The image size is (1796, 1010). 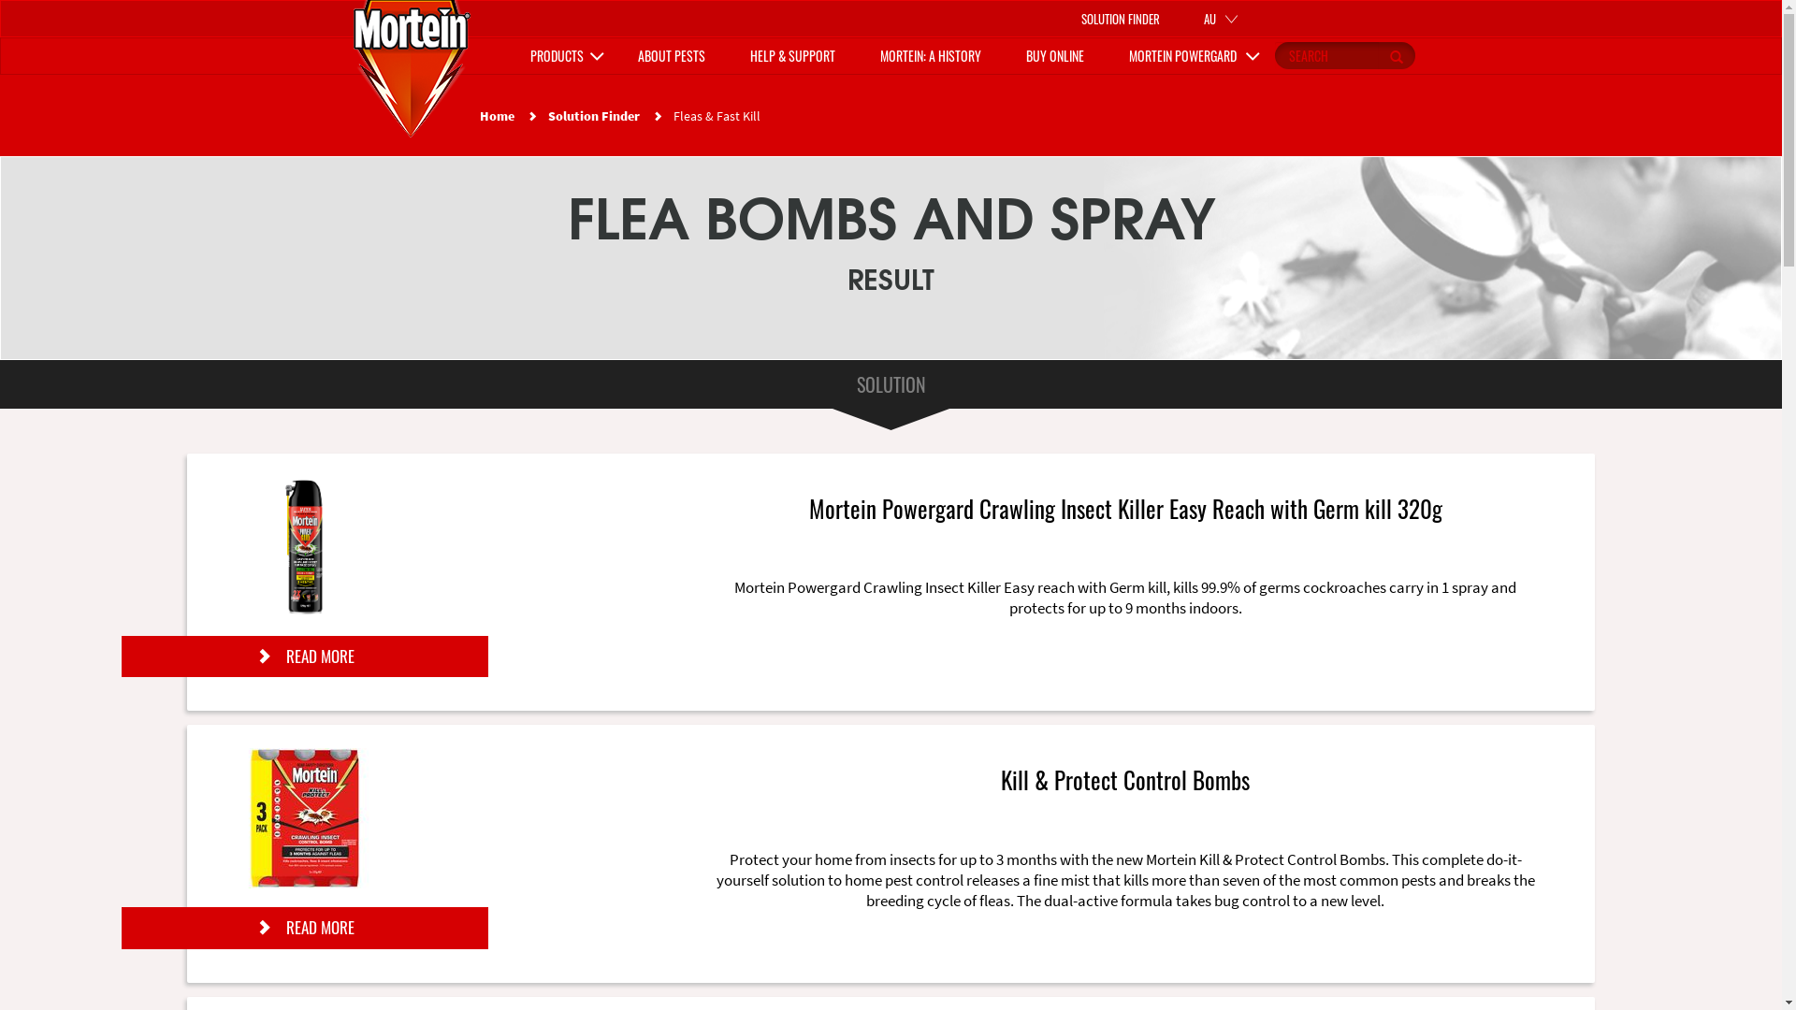 I want to click on 'MORTEIN: A HISTORY', so click(x=929, y=55).